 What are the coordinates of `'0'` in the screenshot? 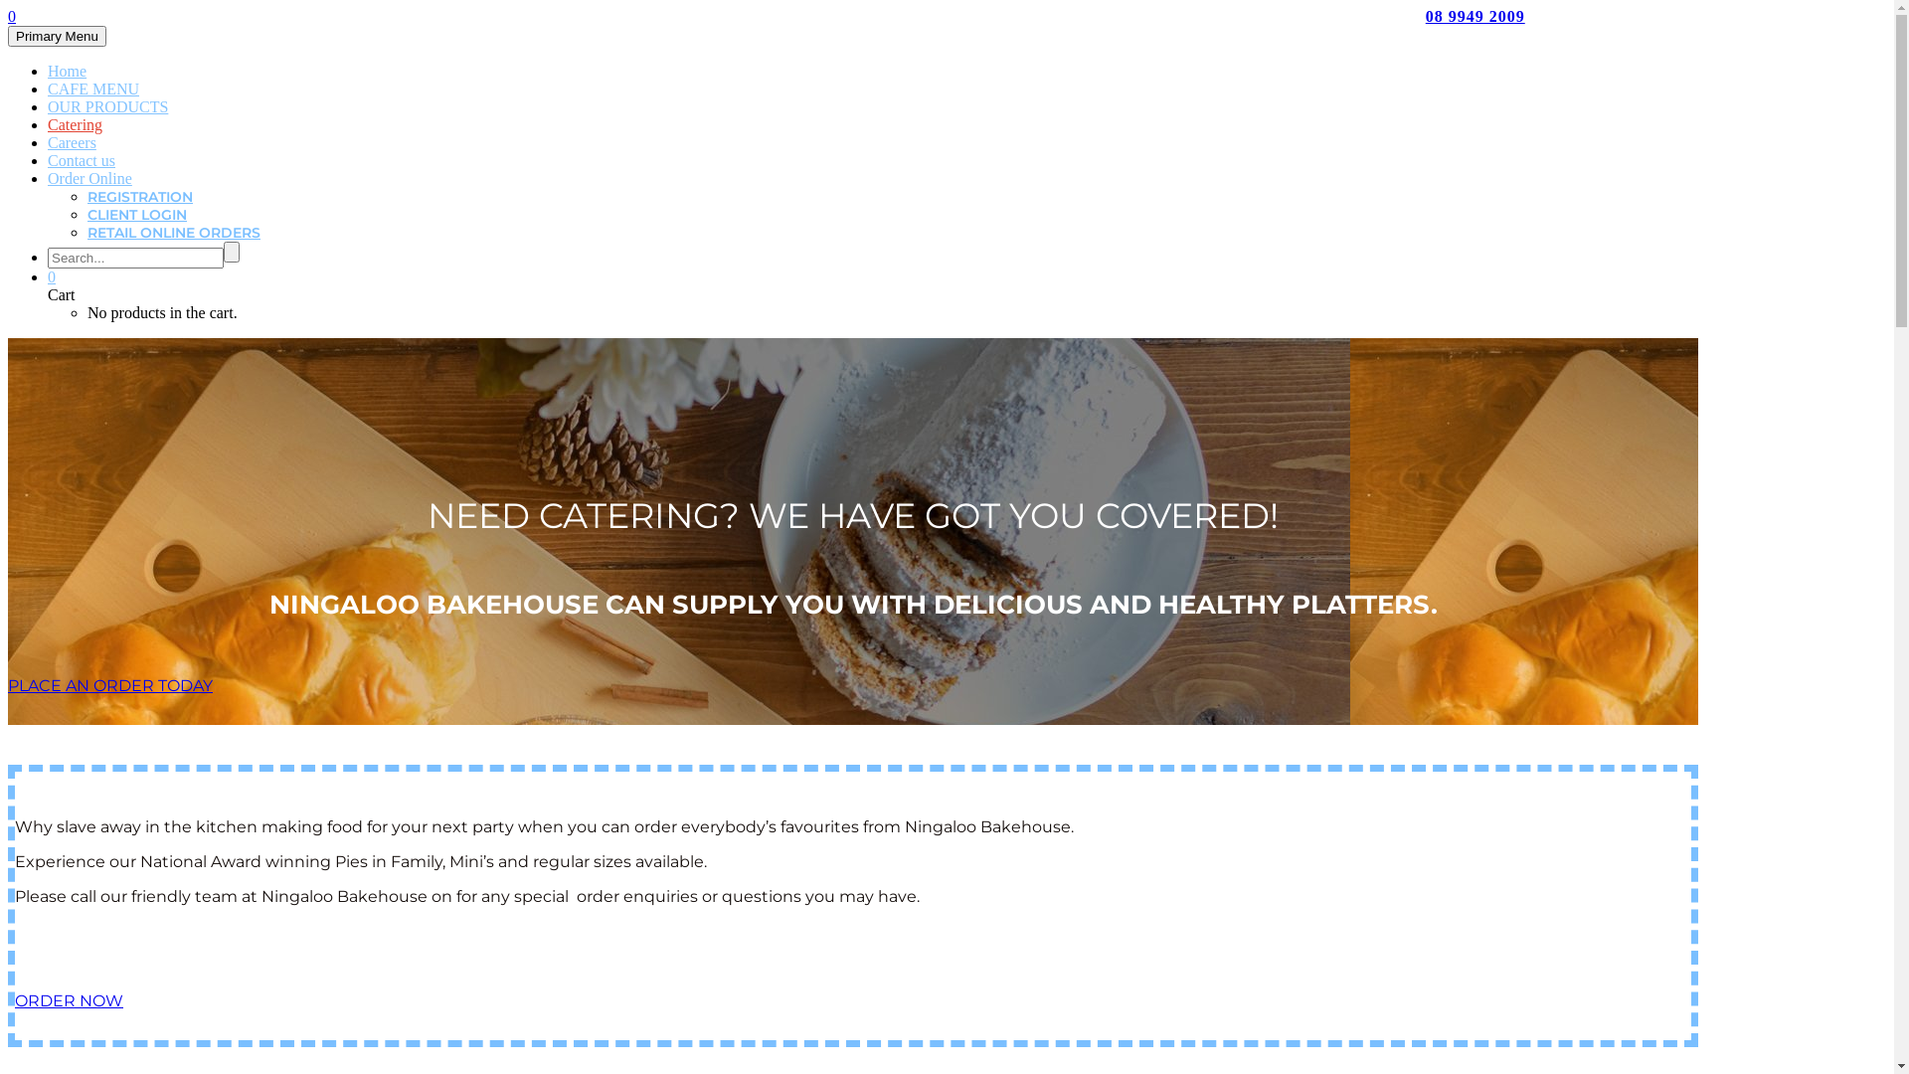 It's located at (52, 276).